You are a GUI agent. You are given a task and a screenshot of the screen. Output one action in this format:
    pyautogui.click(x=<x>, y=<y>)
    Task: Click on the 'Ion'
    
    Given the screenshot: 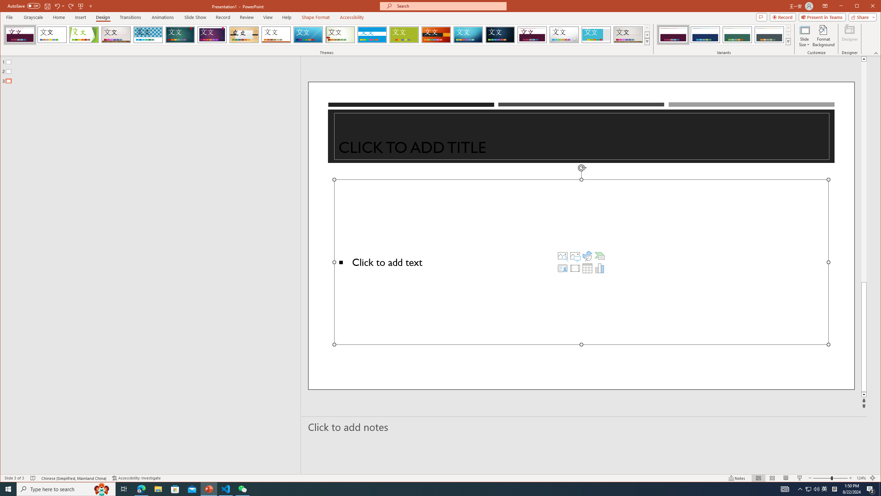 What is the action you would take?
    pyautogui.click(x=180, y=34)
    